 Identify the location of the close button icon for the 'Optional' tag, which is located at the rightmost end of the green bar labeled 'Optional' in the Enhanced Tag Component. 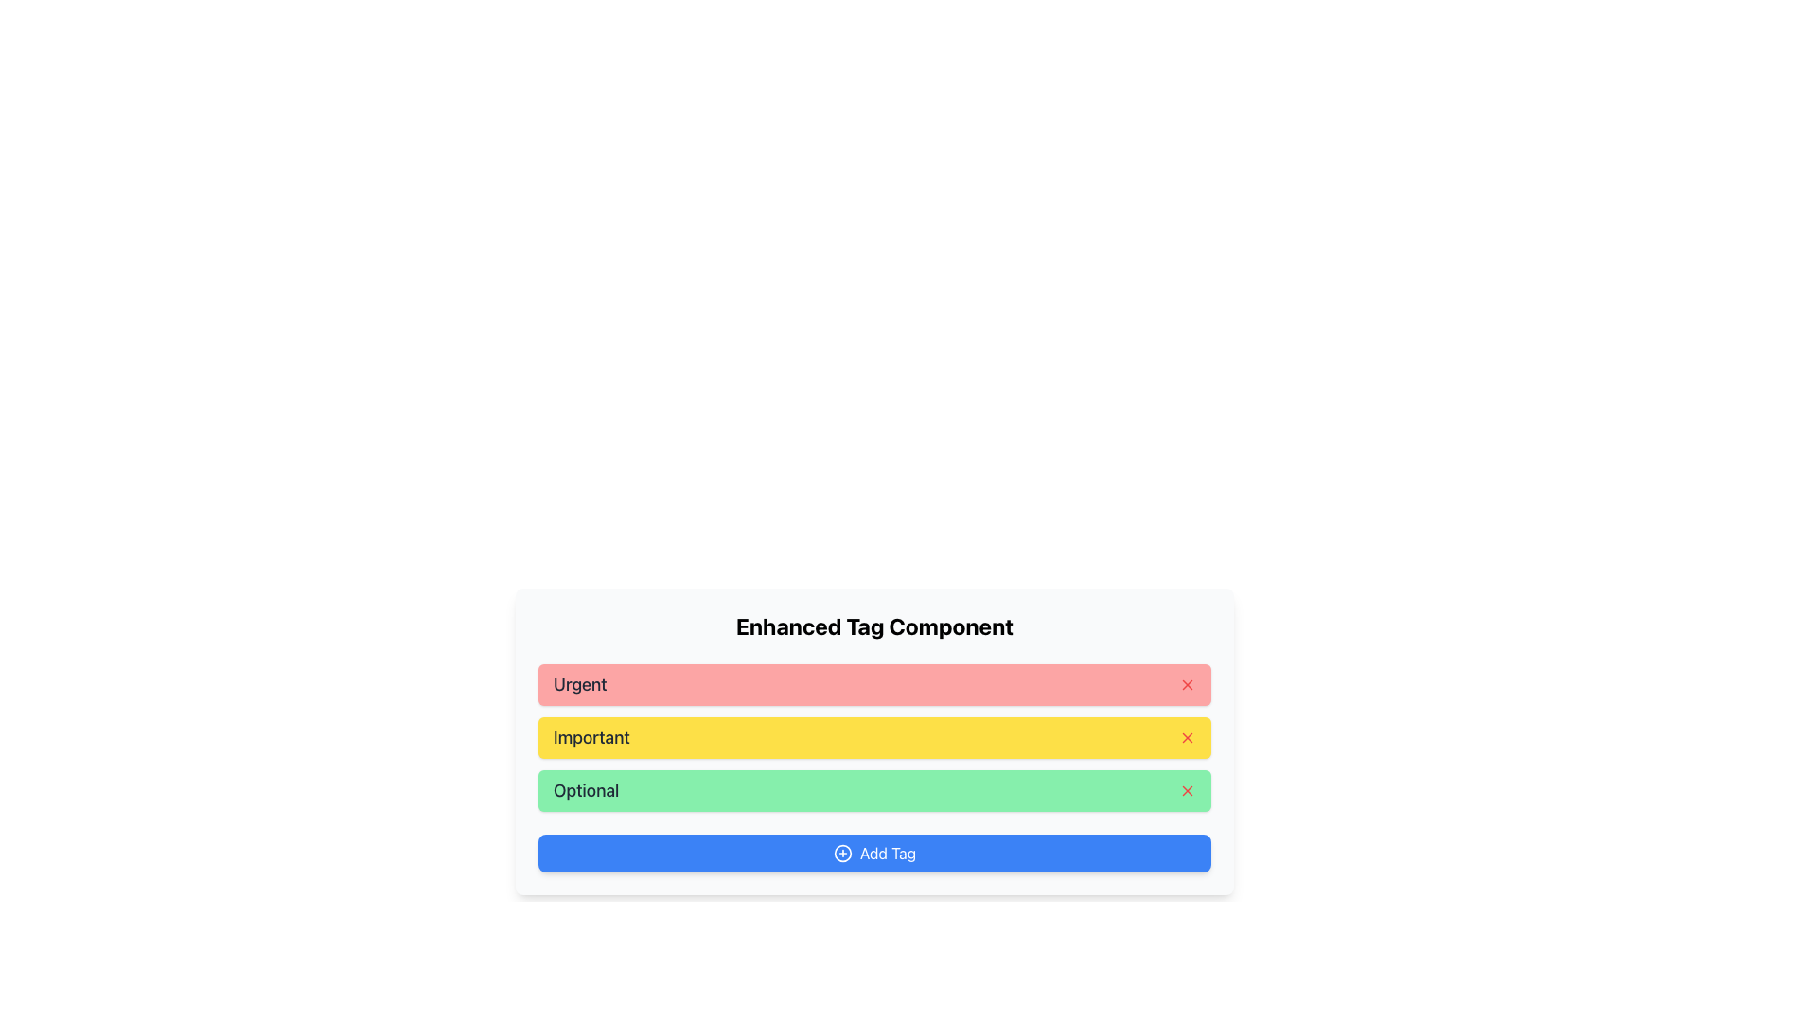
(1186, 791).